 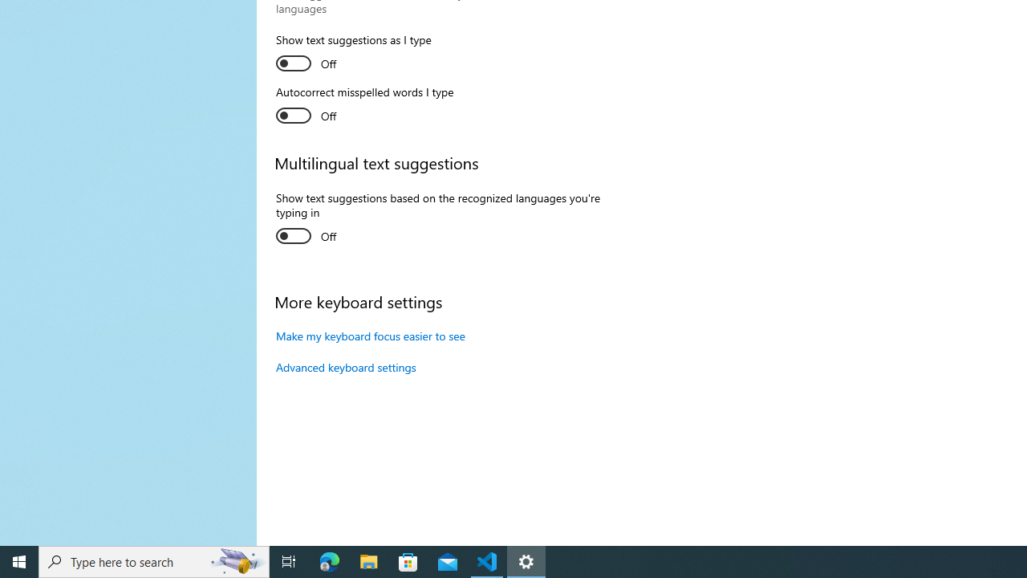 I want to click on 'File Explorer', so click(x=368, y=560).